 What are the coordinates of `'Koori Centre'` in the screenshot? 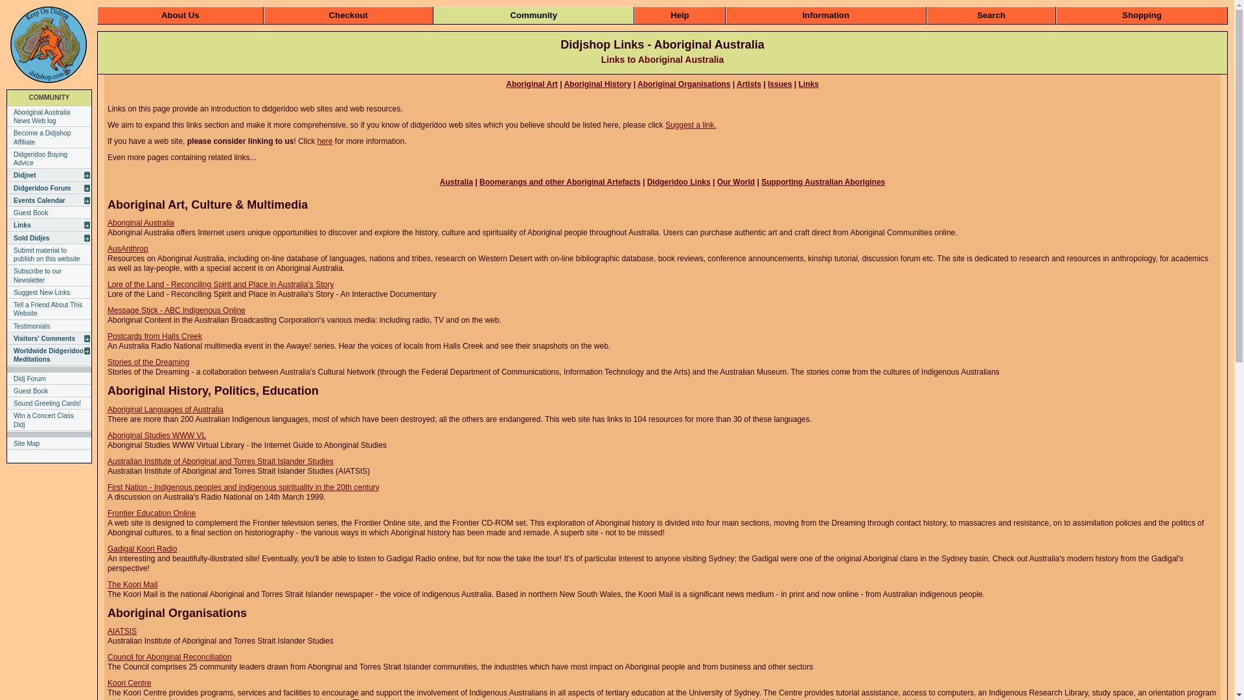 It's located at (129, 682).